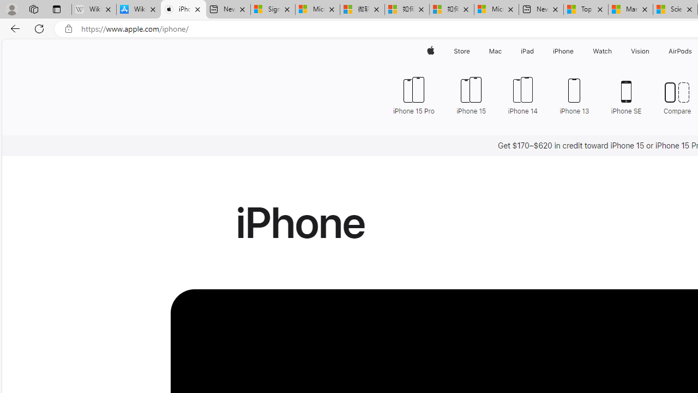 The image size is (698, 393). What do you see at coordinates (652, 51) in the screenshot?
I see `'Class: globalnav-submenu-trigger-item'` at bounding box center [652, 51].